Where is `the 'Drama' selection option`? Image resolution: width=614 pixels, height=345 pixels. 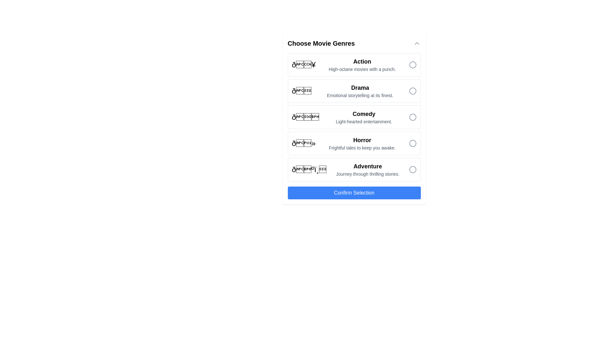
the 'Drama' selection option is located at coordinates (354, 91).